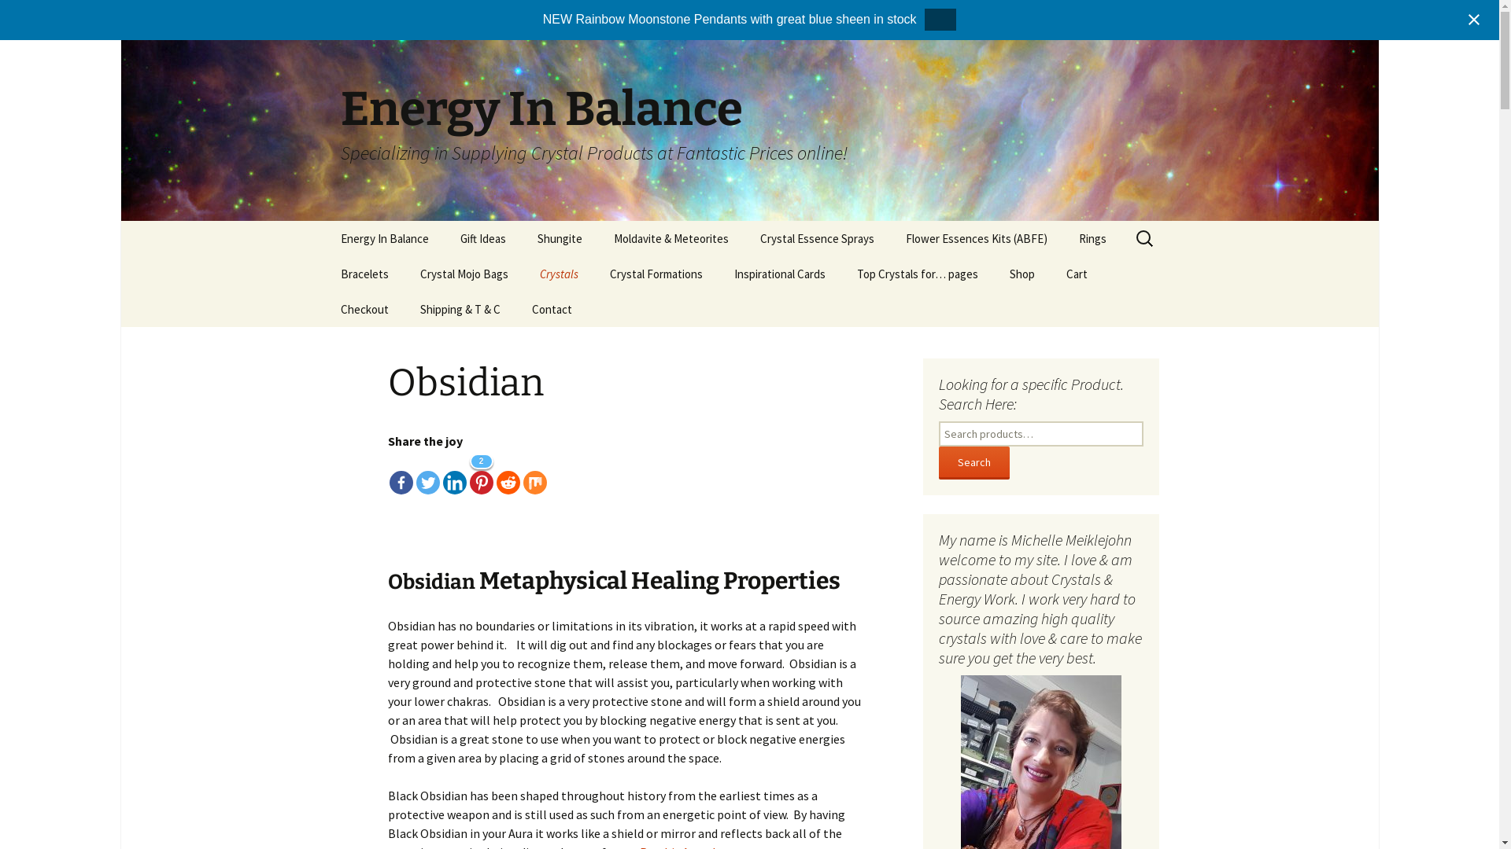 The width and height of the screenshot is (1511, 849). What do you see at coordinates (656, 273) in the screenshot?
I see `'Crystal Formations'` at bounding box center [656, 273].